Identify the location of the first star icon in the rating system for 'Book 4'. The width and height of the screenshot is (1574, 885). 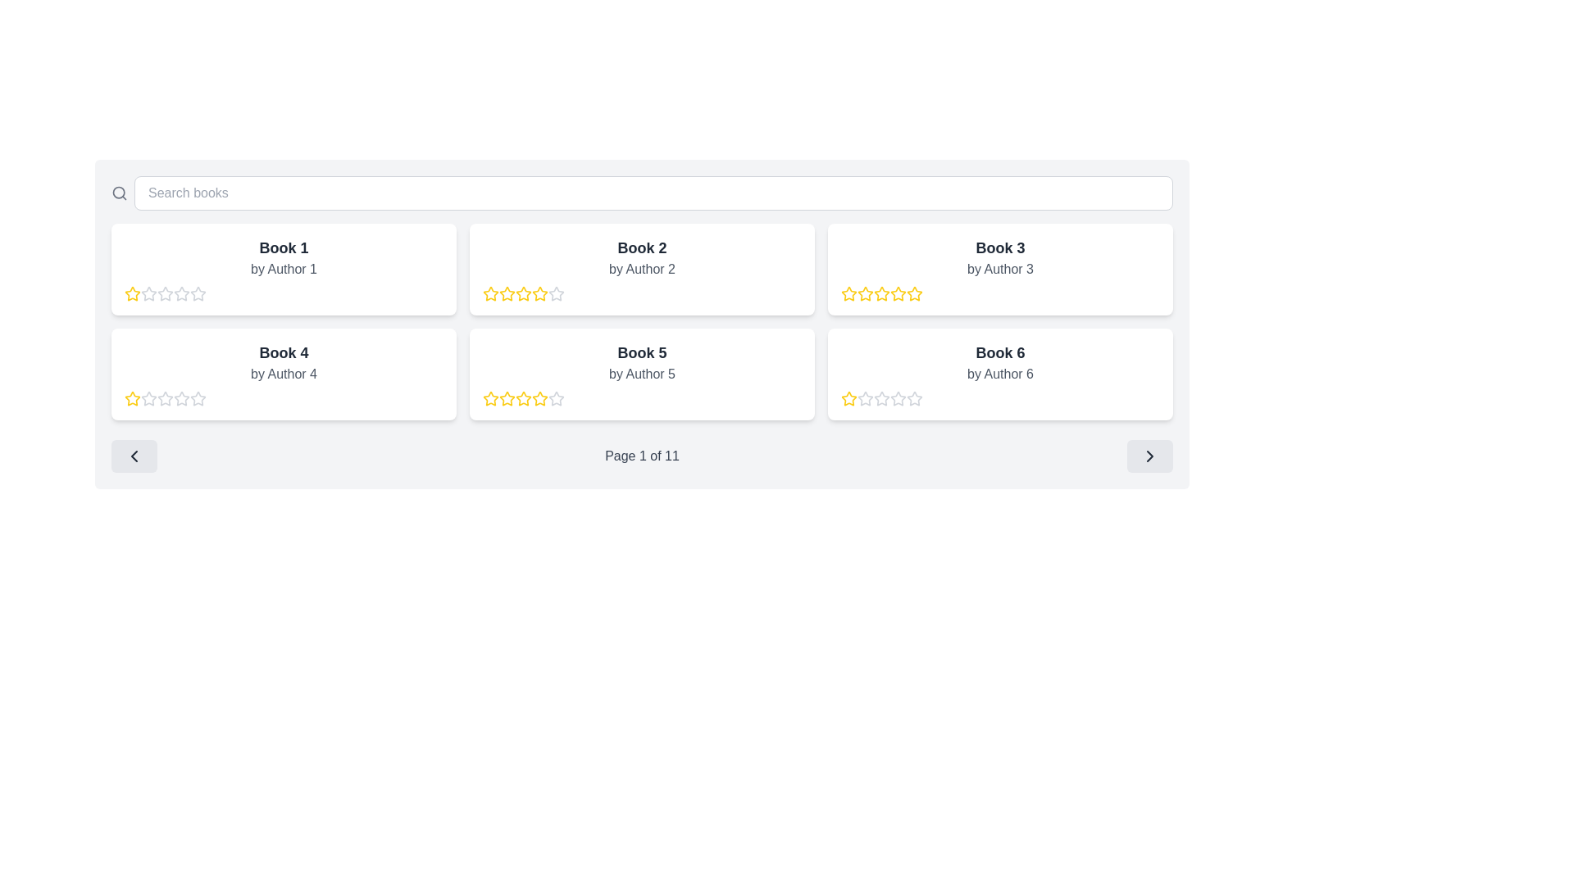
(149, 398).